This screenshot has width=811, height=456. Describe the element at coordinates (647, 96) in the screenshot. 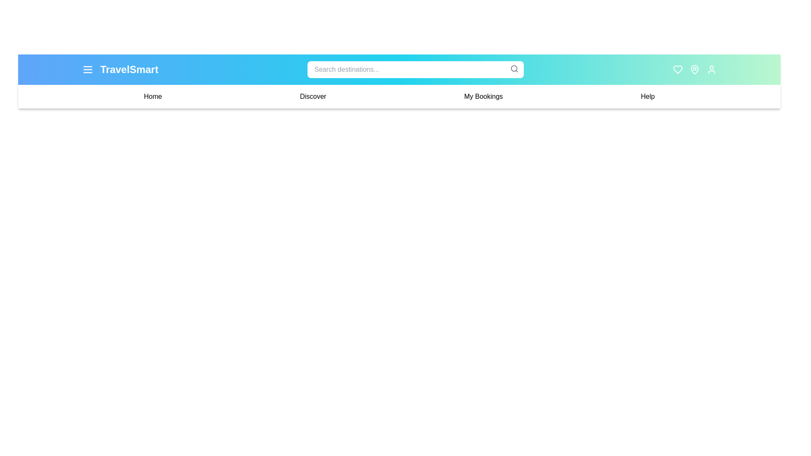

I see `the navigation link Help to navigate to the corresponding section` at that location.